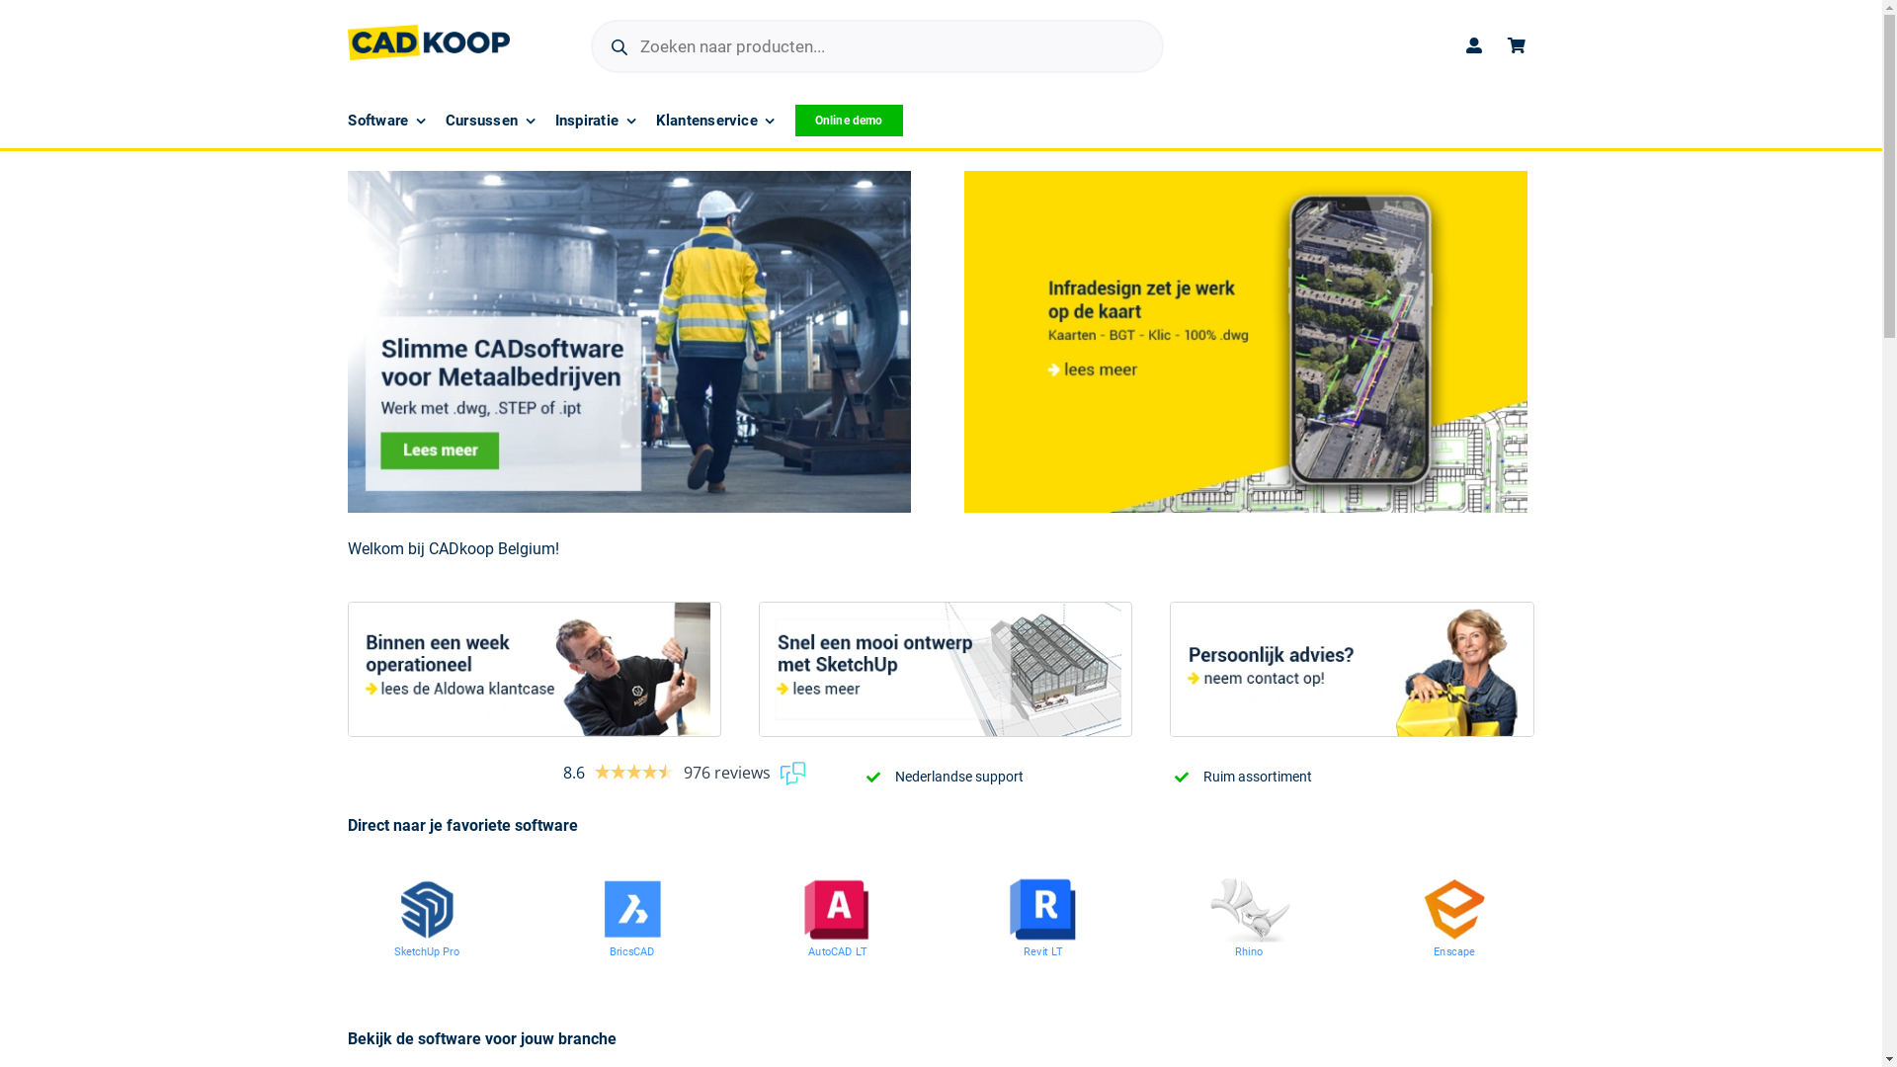 Image resolution: width=1897 pixels, height=1067 pixels. Describe the element at coordinates (683, 772) in the screenshot. I see `'8.6` at that location.